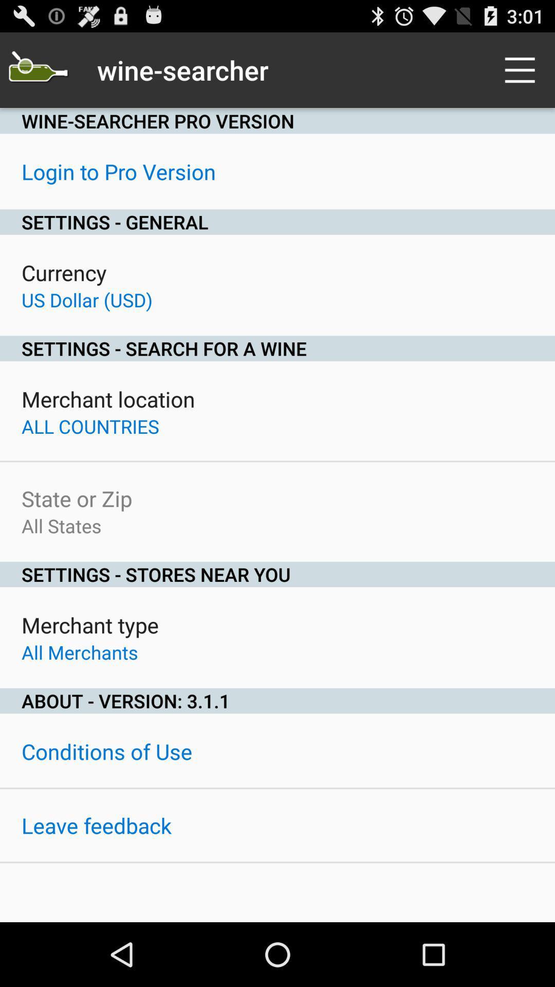 The image size is (555, 987). I want to click on home, so click(37, 69).